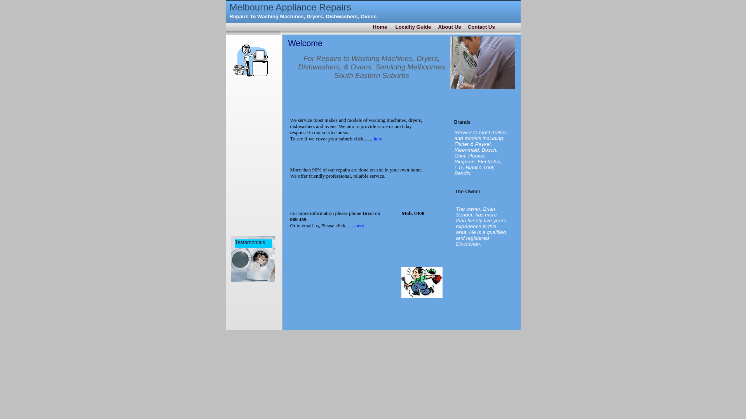  Describe the element at coordinates (481, 26) in the screenshot. I see `'Contact Us'` at that location.